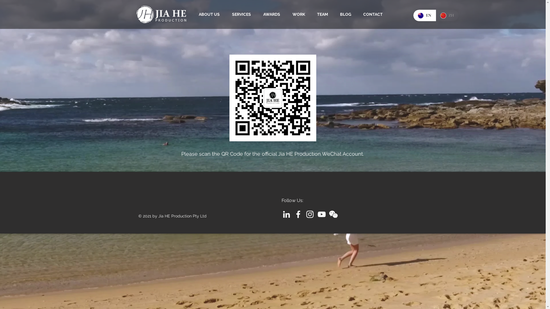 Image resolution: width=550 pixels, height=309 pixels. I want to click on 'WORK', so click(289, 14).